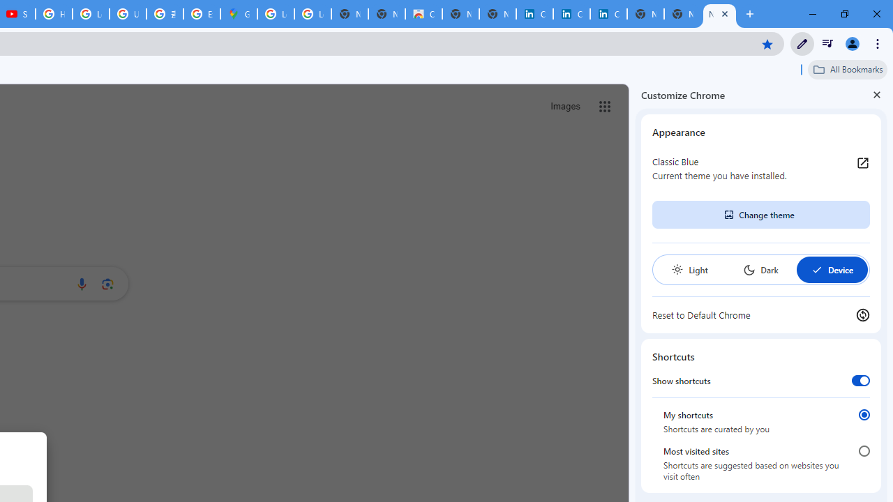 This screenshot has height=502, width=893. Describe the element at coordinates (832, 270) in the screenshot. I see `'Device'` at that location.